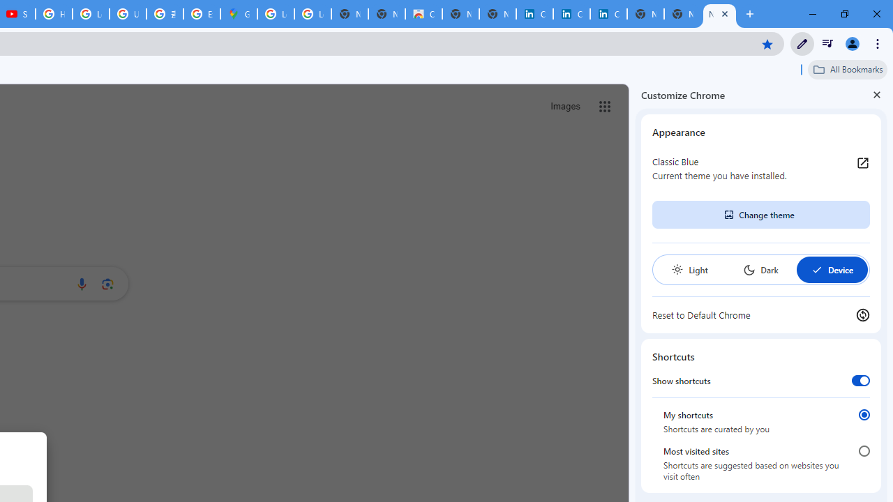 This screenshot has height=502, width=893. Describe the element at coordinates (832, 270) in the screenshot. I see `'Device'` at that location.